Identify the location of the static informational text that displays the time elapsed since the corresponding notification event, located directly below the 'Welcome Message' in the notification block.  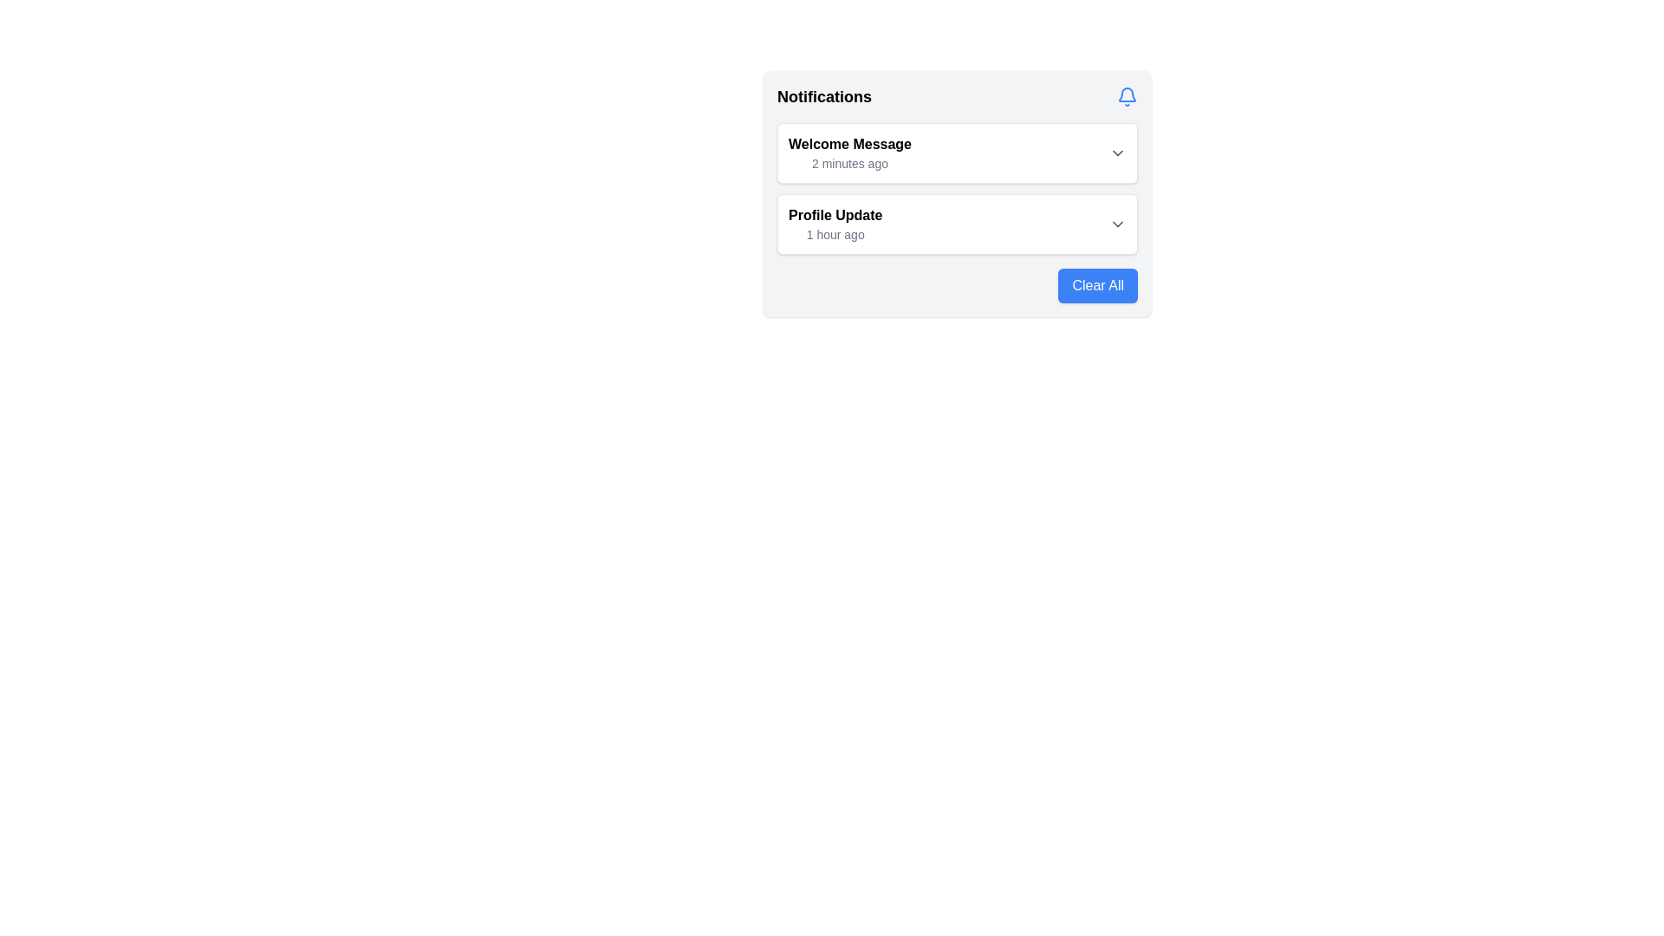
(849, 164).